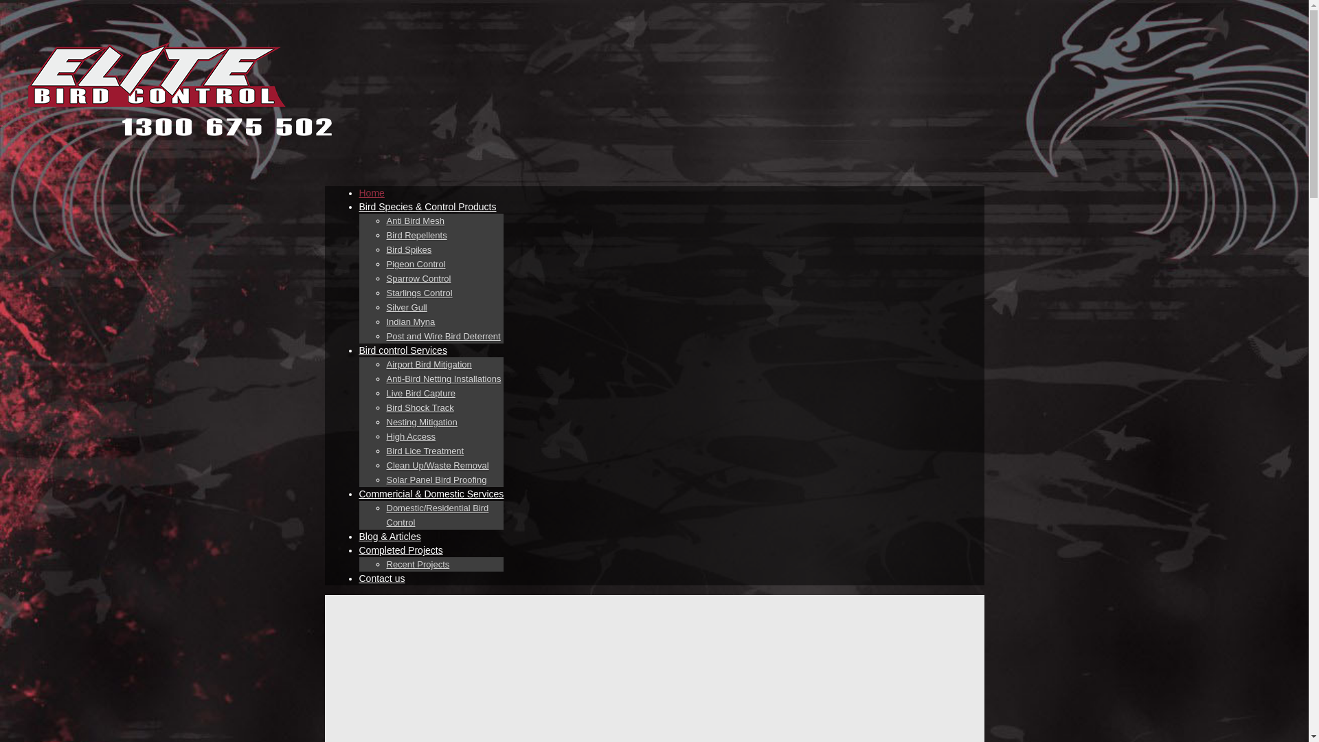 This screenshot has width=1319, height=742. I want to click on 'Blog & Articles', so click(388, 535).